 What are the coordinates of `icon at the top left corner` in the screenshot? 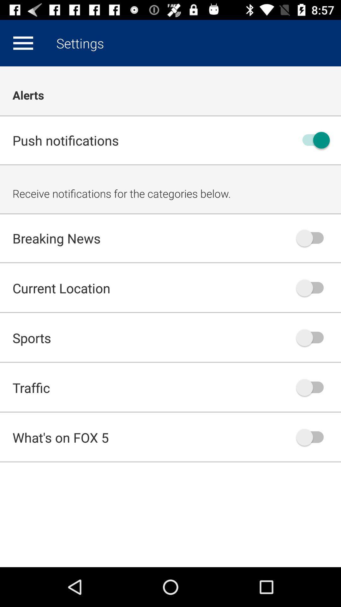 It's located at (23, 43).